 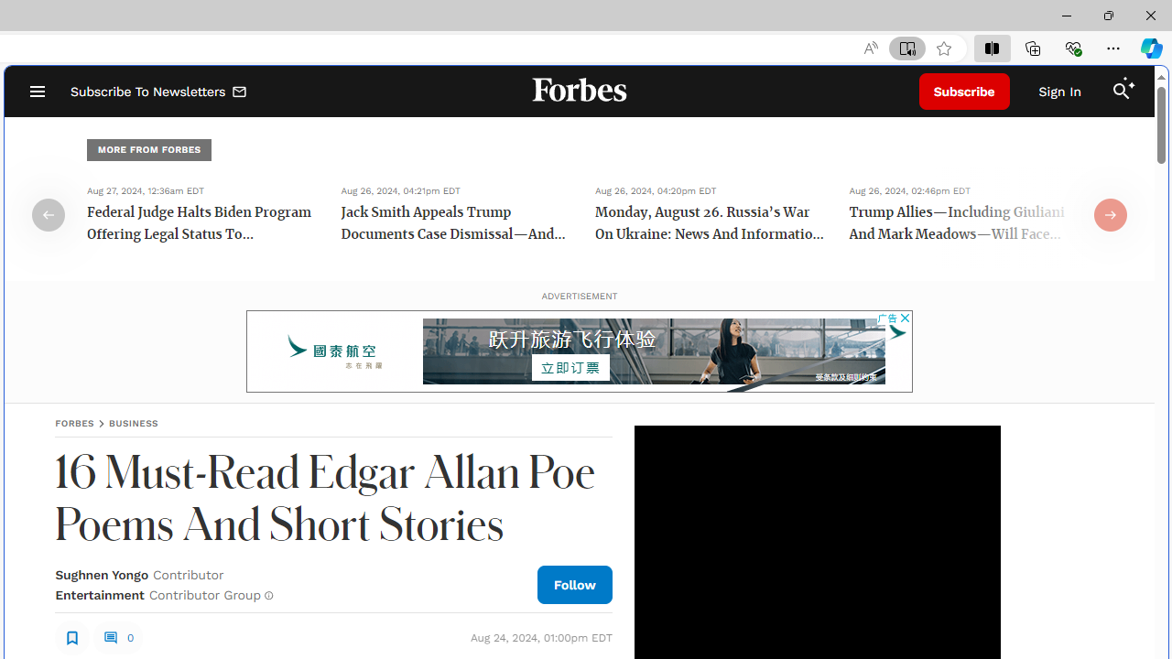 I want to click on '0', so click(x=117, y=636).